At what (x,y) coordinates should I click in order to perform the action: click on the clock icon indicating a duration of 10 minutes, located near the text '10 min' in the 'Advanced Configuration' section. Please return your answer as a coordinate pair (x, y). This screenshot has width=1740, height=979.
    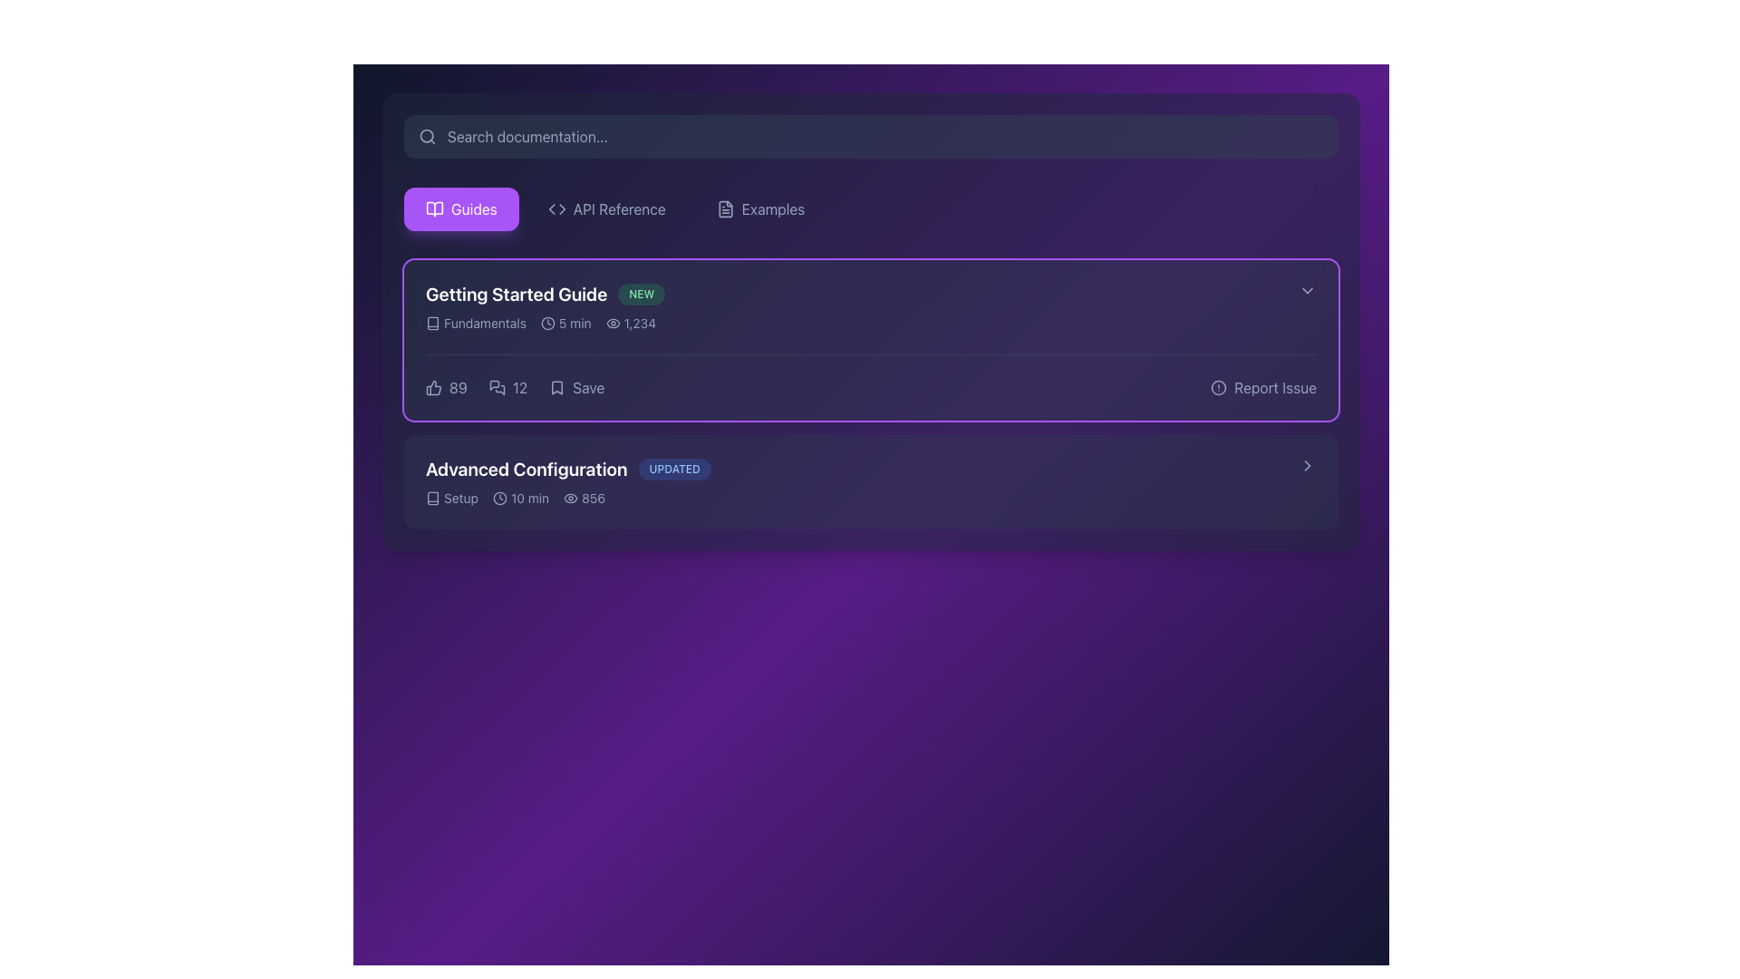
    Looking at the image, I should click on (500, 499).